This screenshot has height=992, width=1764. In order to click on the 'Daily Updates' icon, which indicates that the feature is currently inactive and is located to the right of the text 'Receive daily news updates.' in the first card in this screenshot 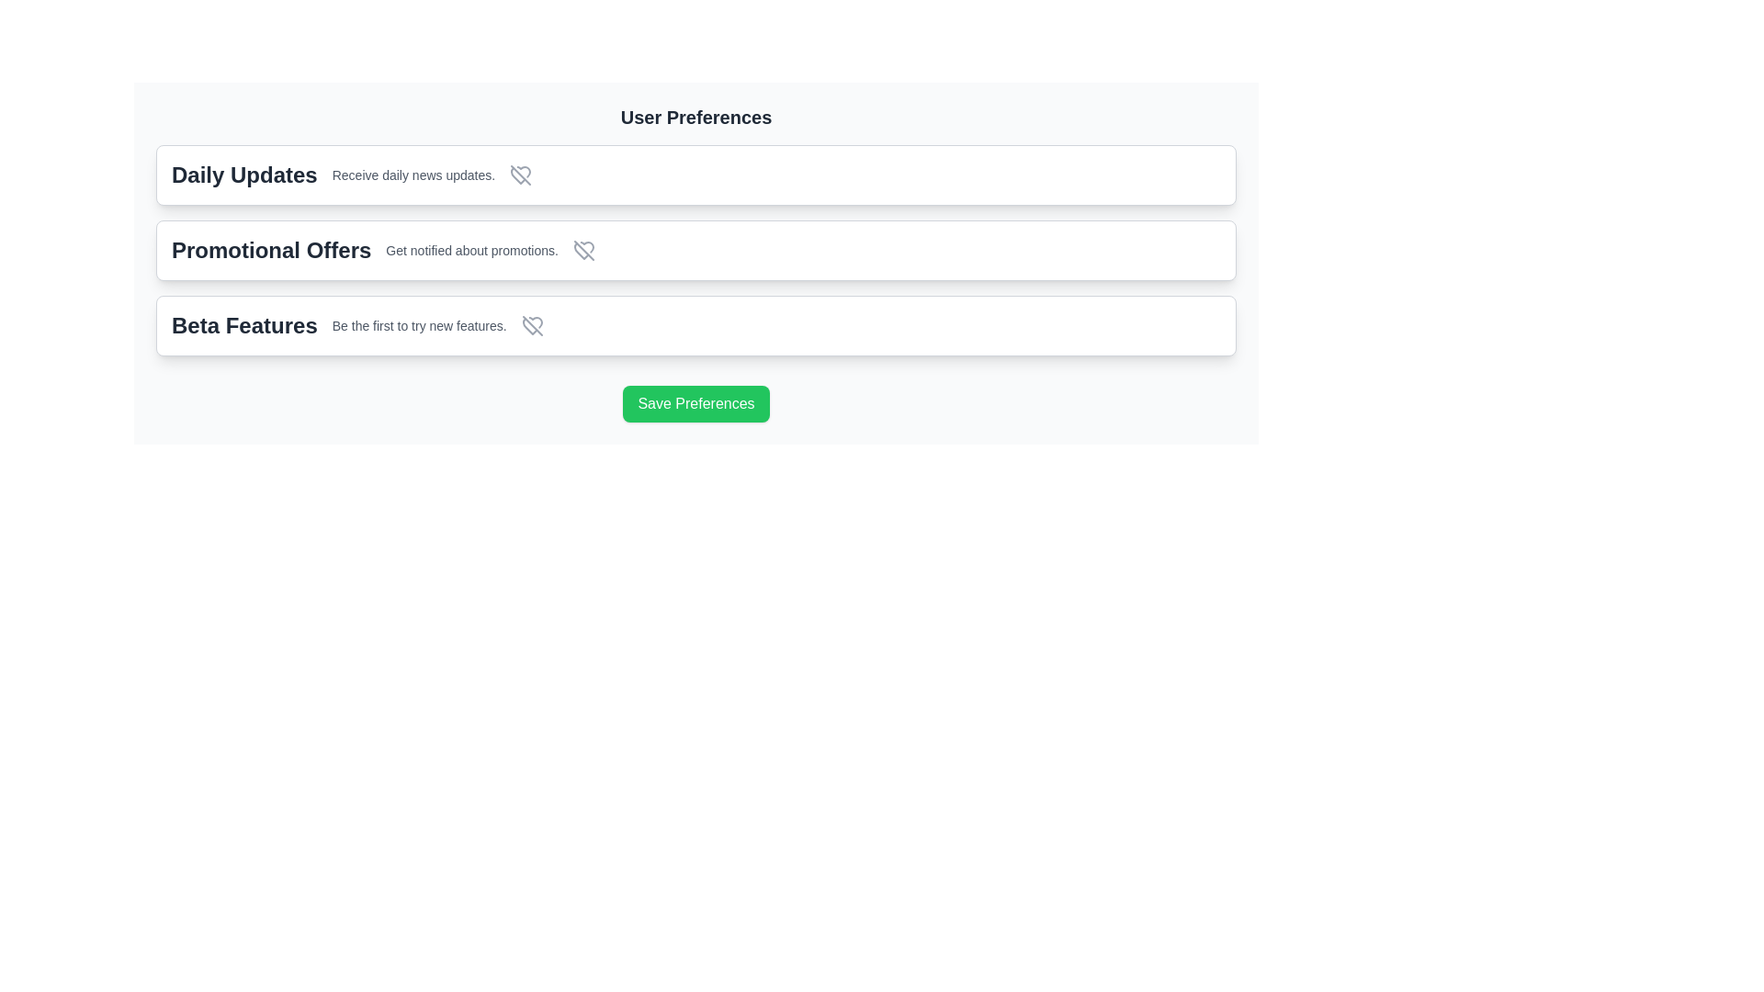, I will do `click(520, 175)`.